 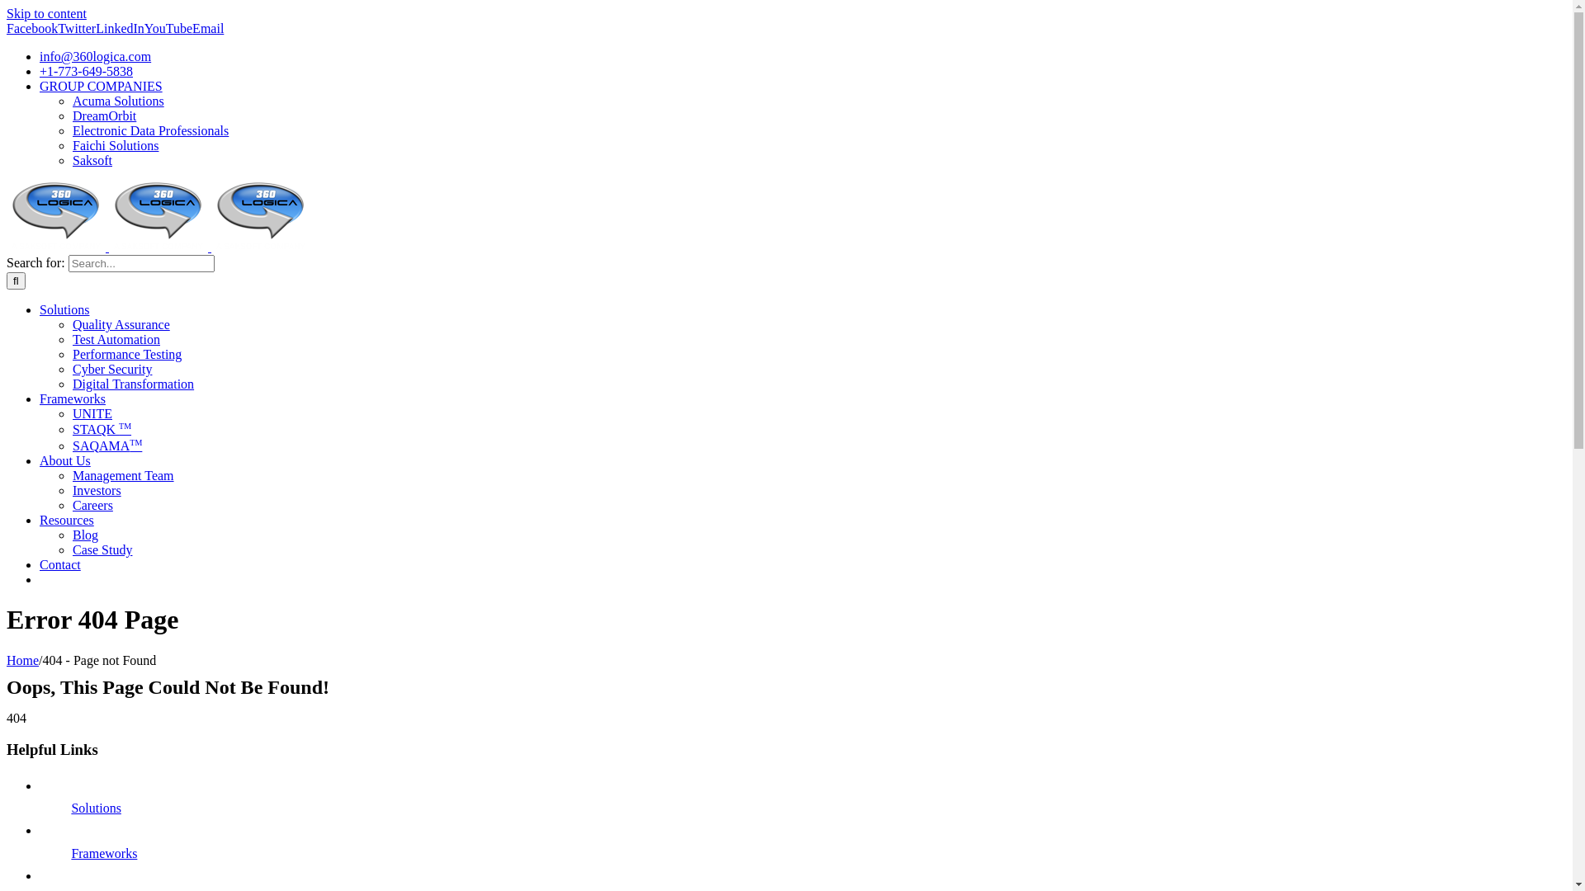 What do you see at coordinates (96, 489) in the screenshot?
I see `'Investors'` at bounding box center [96, 489].